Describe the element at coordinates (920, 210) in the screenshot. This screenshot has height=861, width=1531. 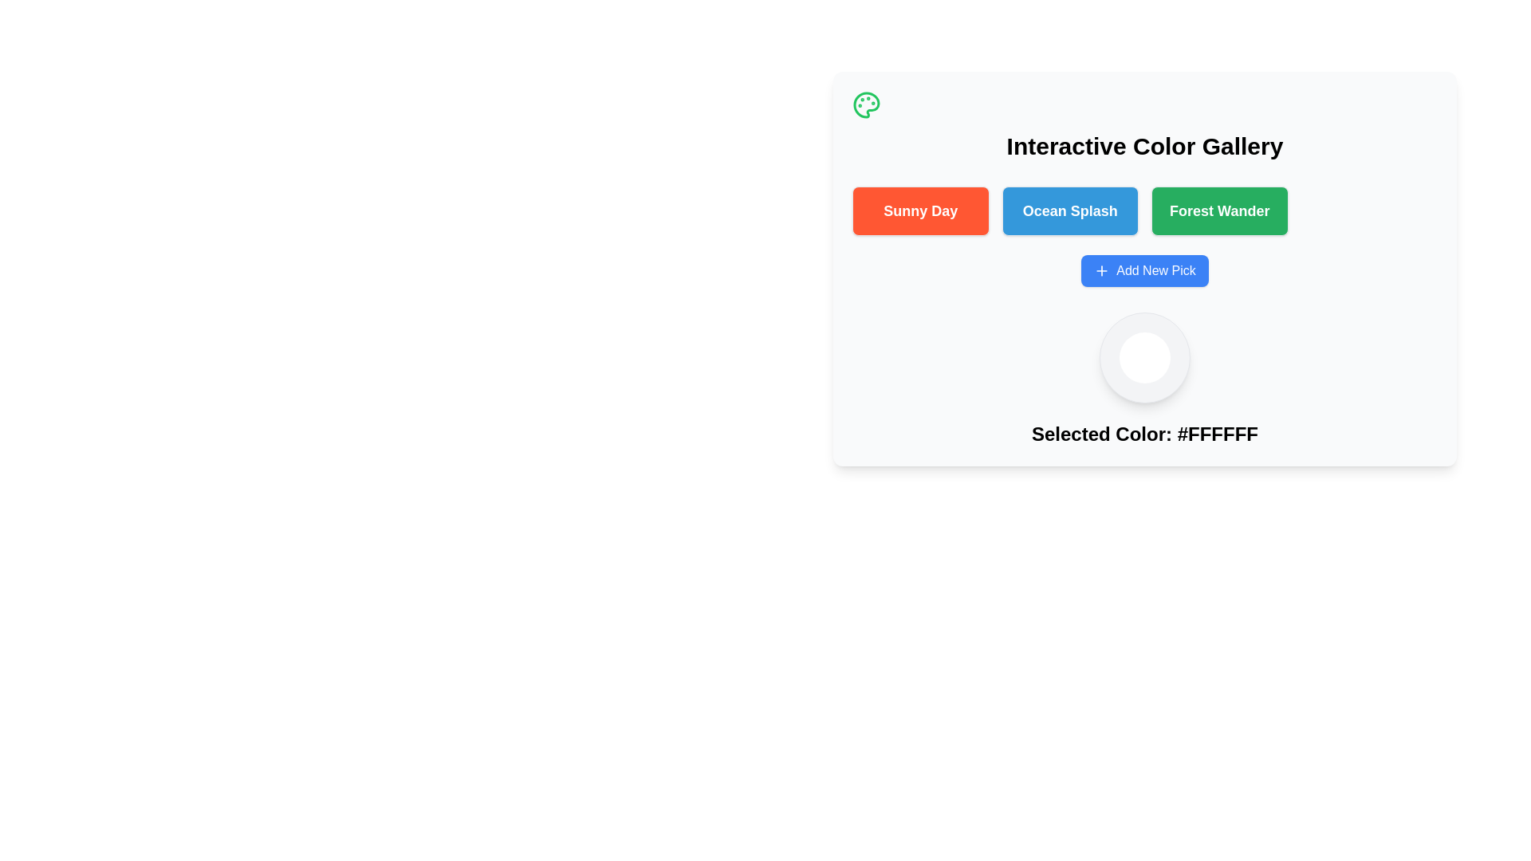
I see `the first button in a horizontal row with a vibrant orange background and white bold text reading 'Sunny Day'` at that location.